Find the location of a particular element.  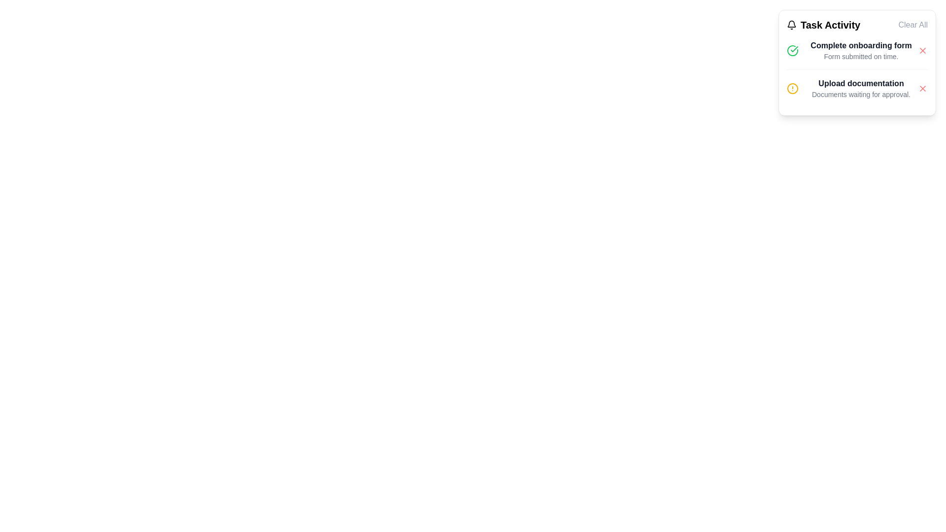

the task entry titled 'Complete onboarding form' is located at coordinates (856, 51).